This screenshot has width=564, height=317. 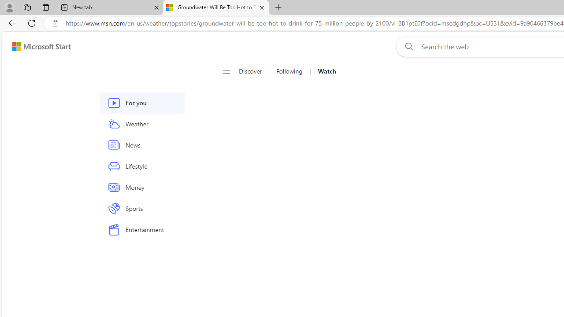 I want to click on 'Skip to footer', so click(x=36, y=46).